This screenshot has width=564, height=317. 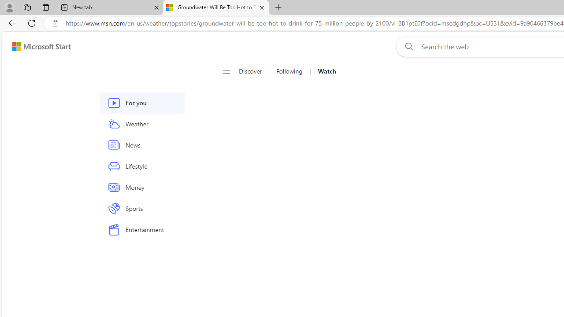 I want to click on 'Skip to footer', so click(x=36, y=46).